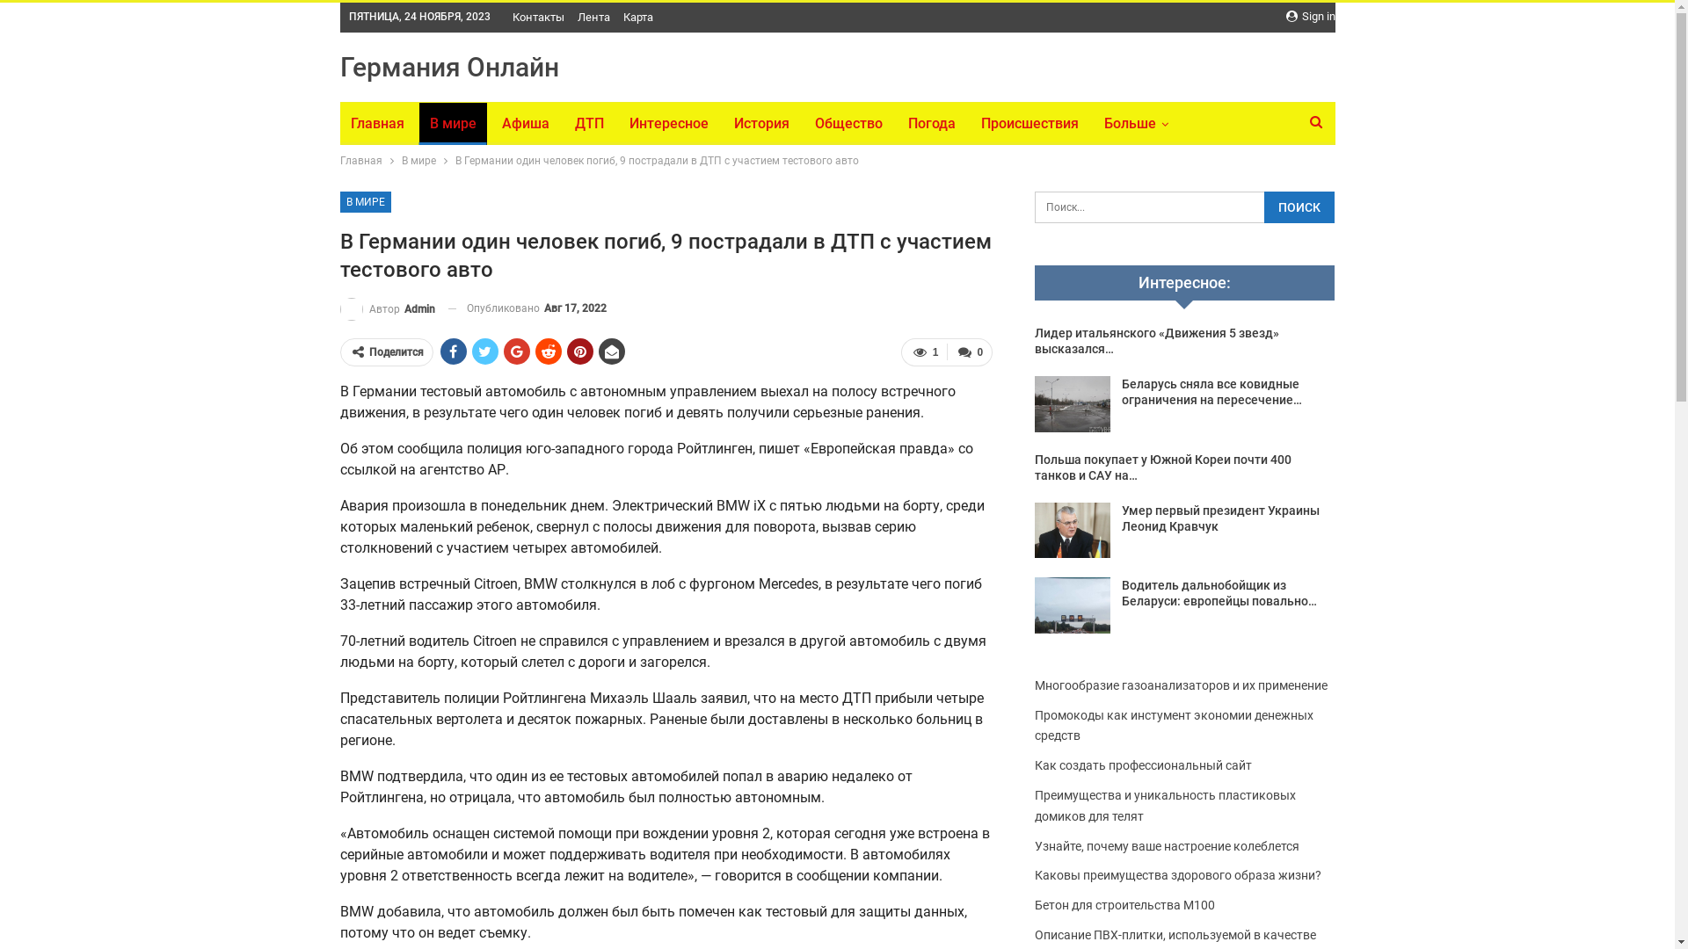 The image size is (1688, 949). I want to click on 'Sign in', so click(1309, 17).